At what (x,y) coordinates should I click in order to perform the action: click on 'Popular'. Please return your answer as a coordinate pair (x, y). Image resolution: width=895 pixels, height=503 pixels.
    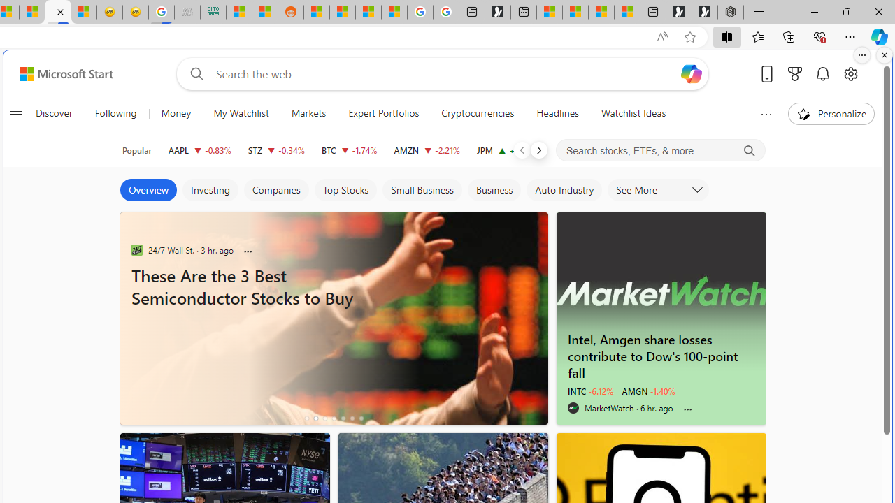
    Looking at the image, I should click on (137, 150).